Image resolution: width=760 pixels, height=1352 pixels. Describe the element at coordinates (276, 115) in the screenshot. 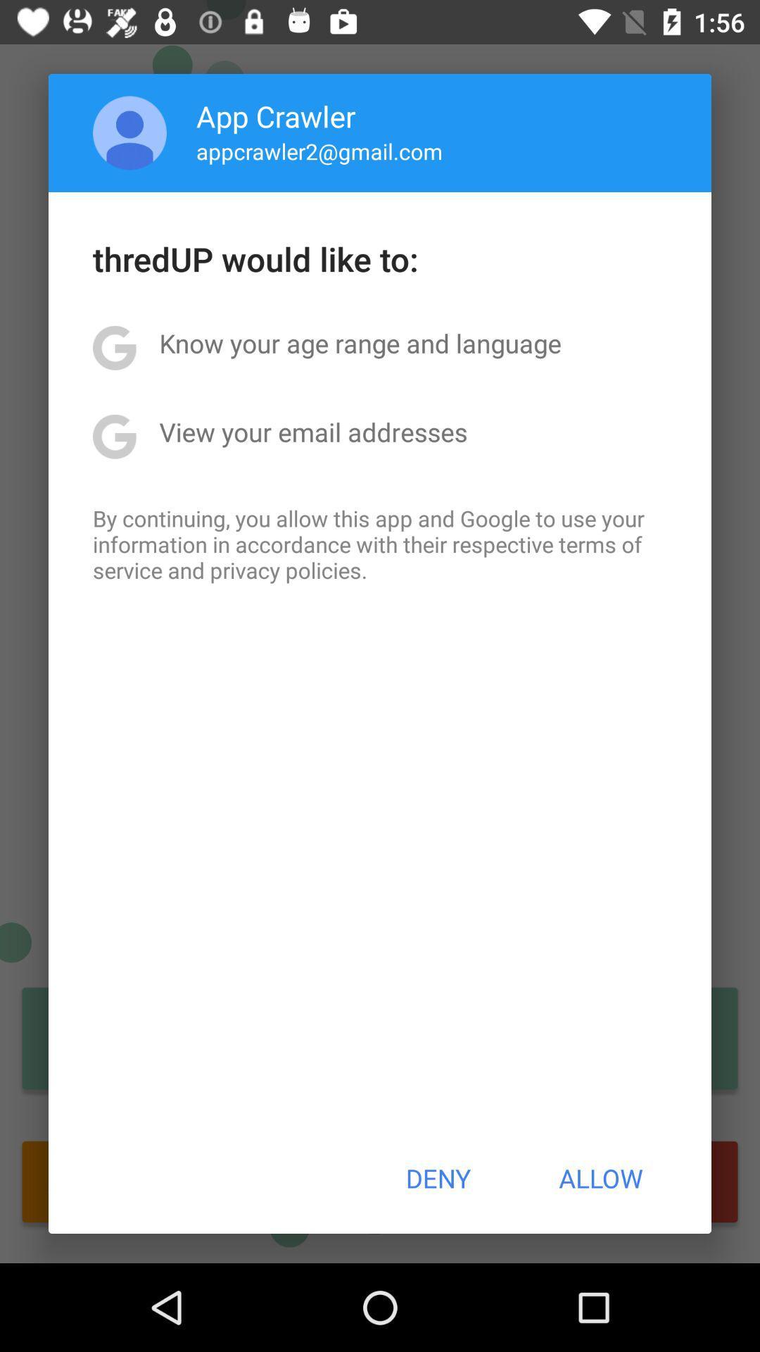

I see `app crawler` at that location.